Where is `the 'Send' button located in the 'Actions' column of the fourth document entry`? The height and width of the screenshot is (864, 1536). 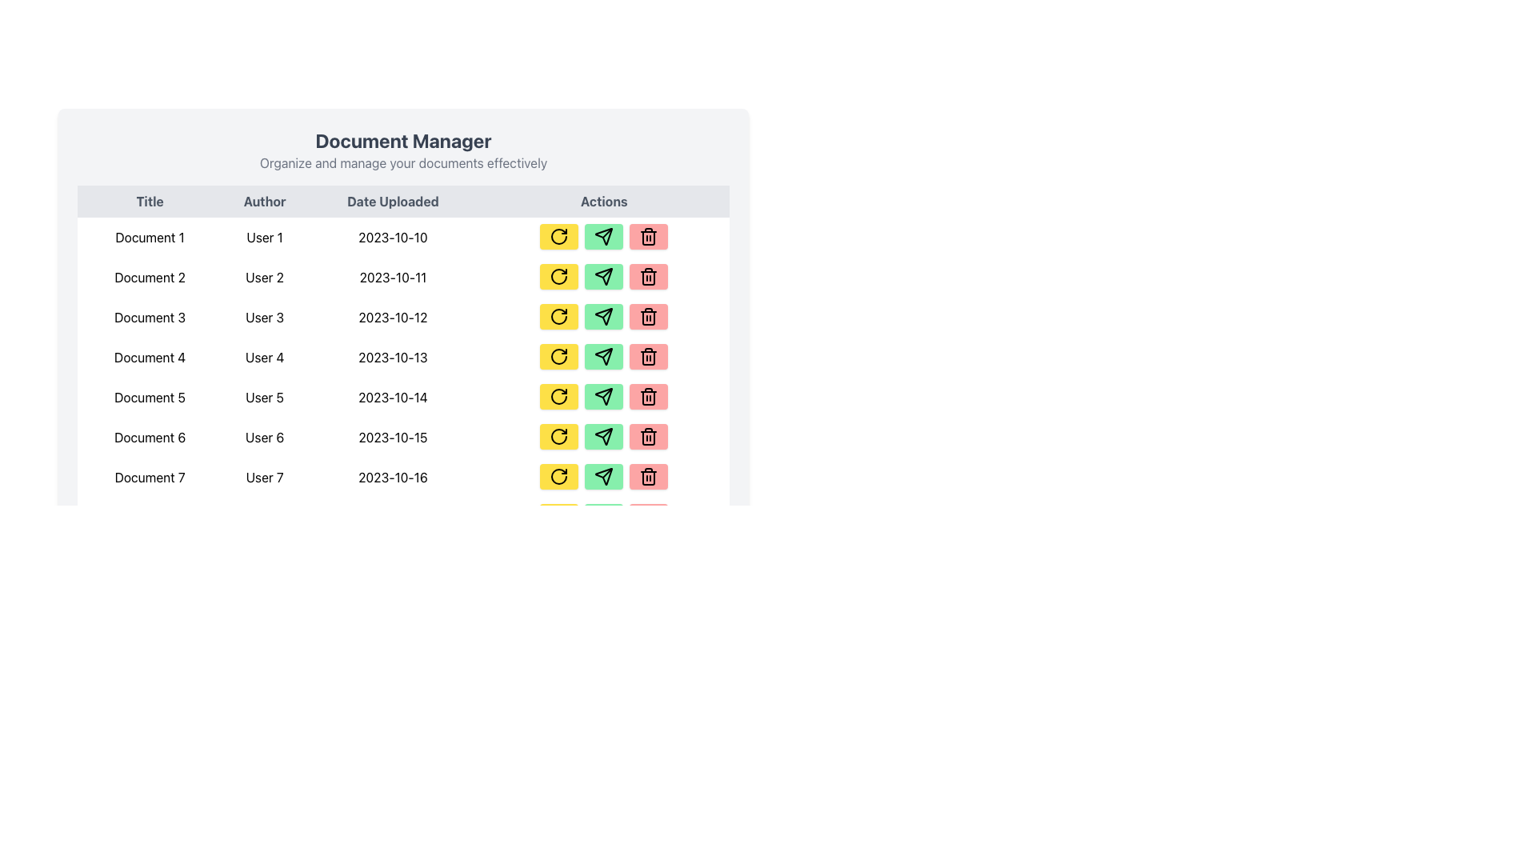 the 'Send' button located in the 'Actions' column of the fourth document entry is located at coordinates (603, 356).